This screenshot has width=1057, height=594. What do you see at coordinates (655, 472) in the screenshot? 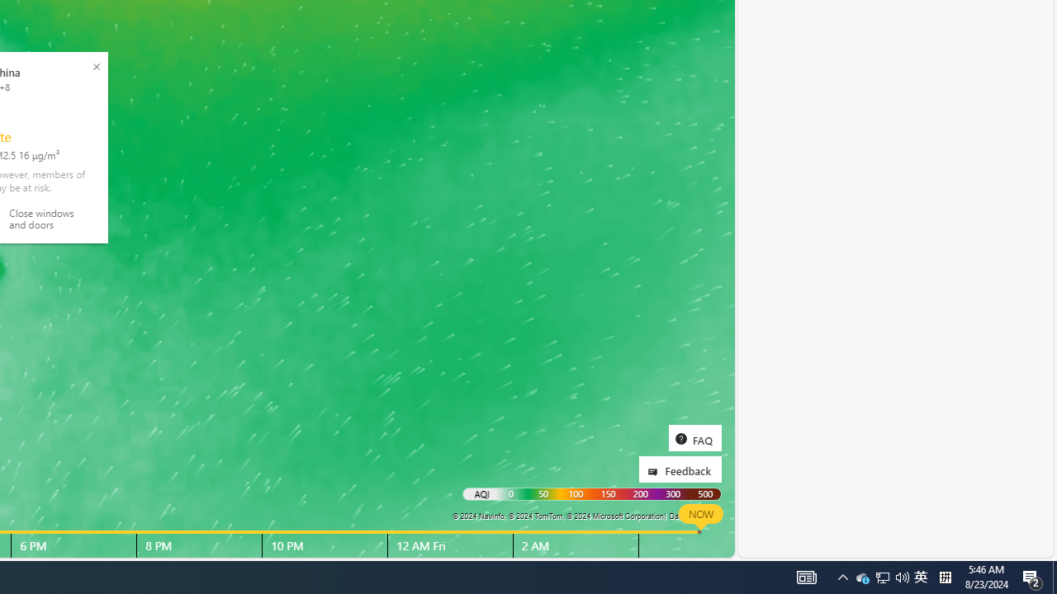
I see `'Class: feedback_link_icon-DS-EntryPoint1-1'` at bounding box center [655, 472].